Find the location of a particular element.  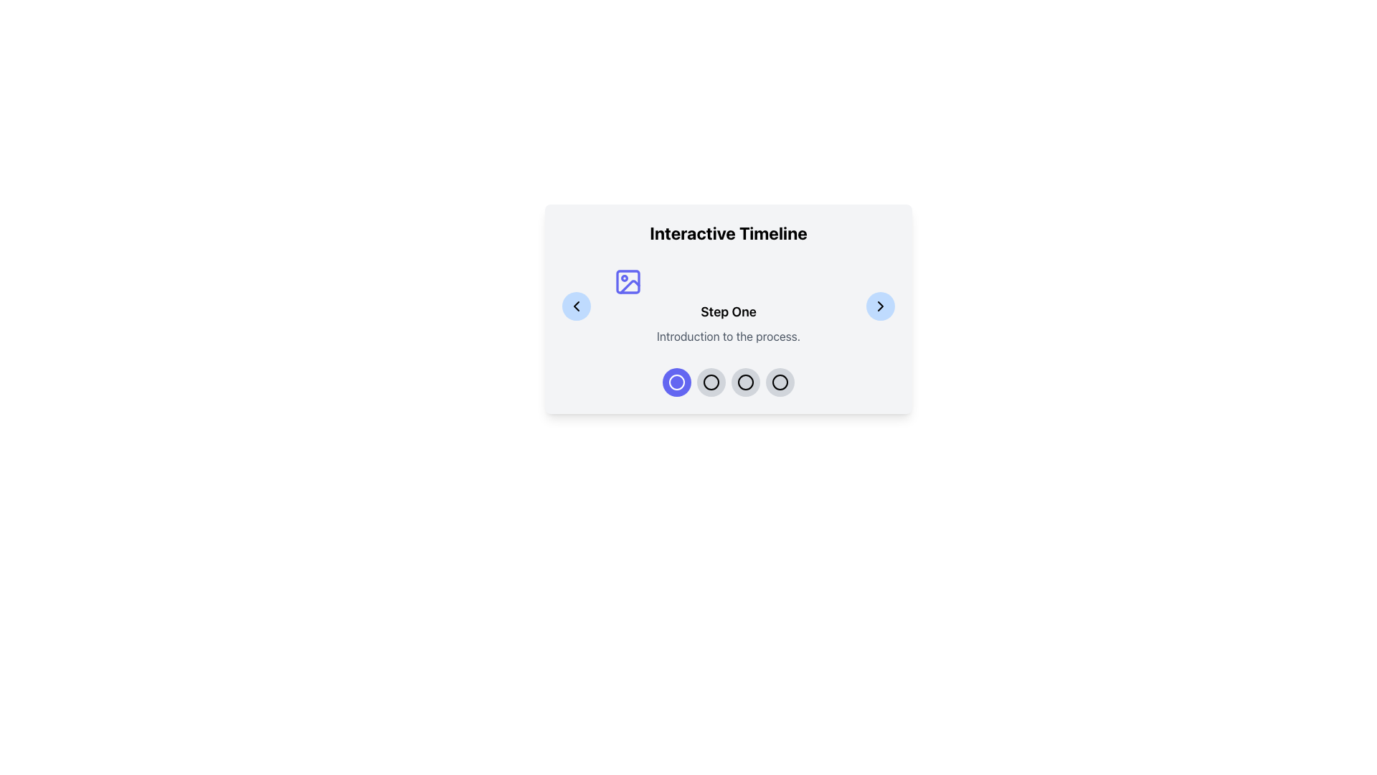

the small indigo icon resembling a framed picture, positioned above the text 'Step One' and 'Introduction to the process' in the upper-left segment of the card interface is located at coordinates (628, 282).